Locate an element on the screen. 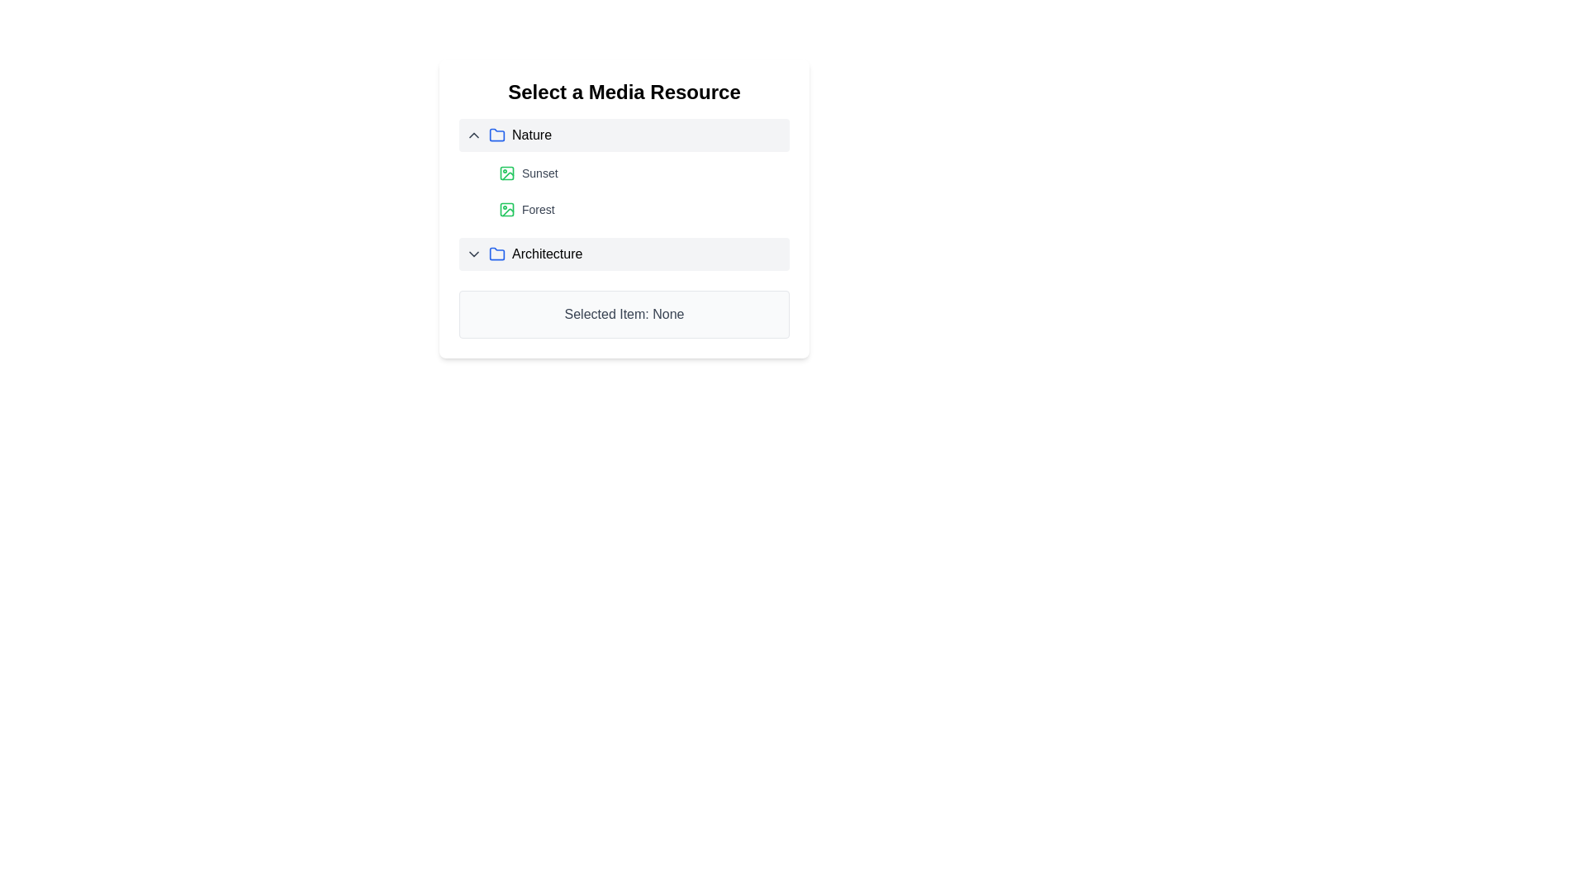 This screenshot has height=892, width=1586. the chevron icon located at the leftmost position of the 'Architecture' menu item is located at coordinates (473, 254).